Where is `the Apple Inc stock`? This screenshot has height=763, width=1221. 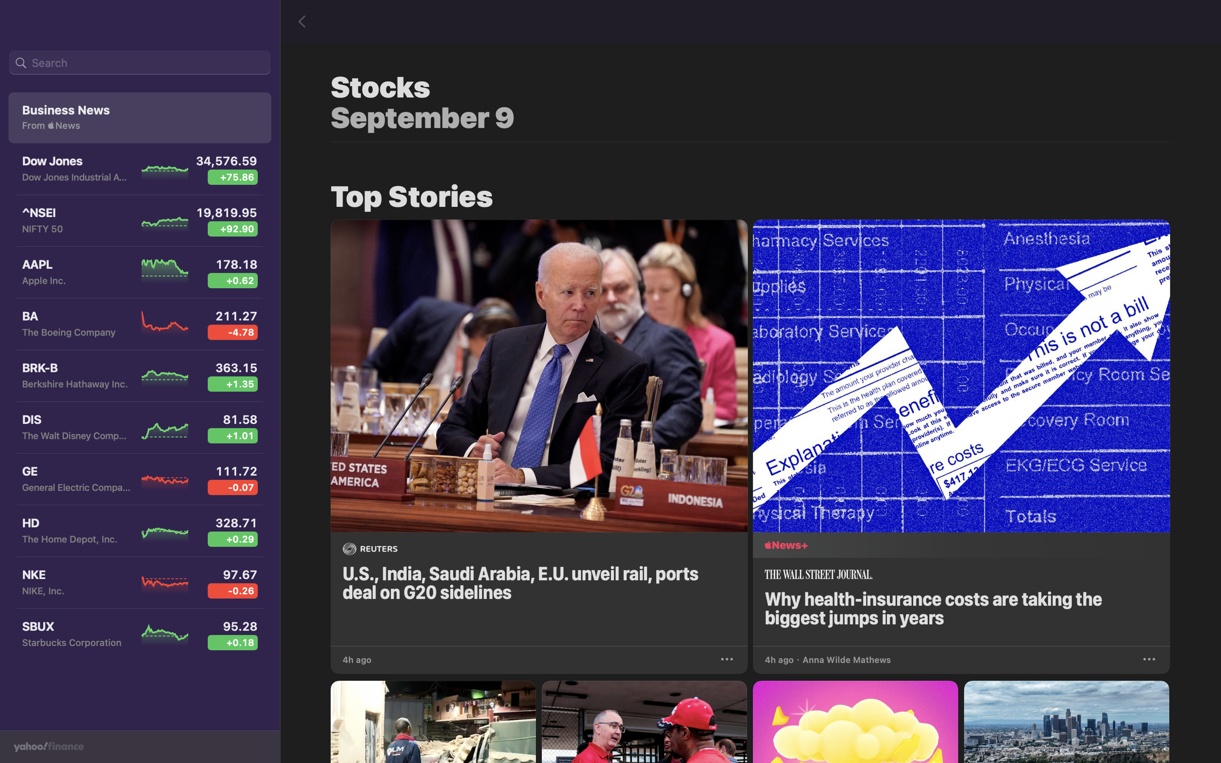 the Apple Inc stock is located at coordinates (139, 271).